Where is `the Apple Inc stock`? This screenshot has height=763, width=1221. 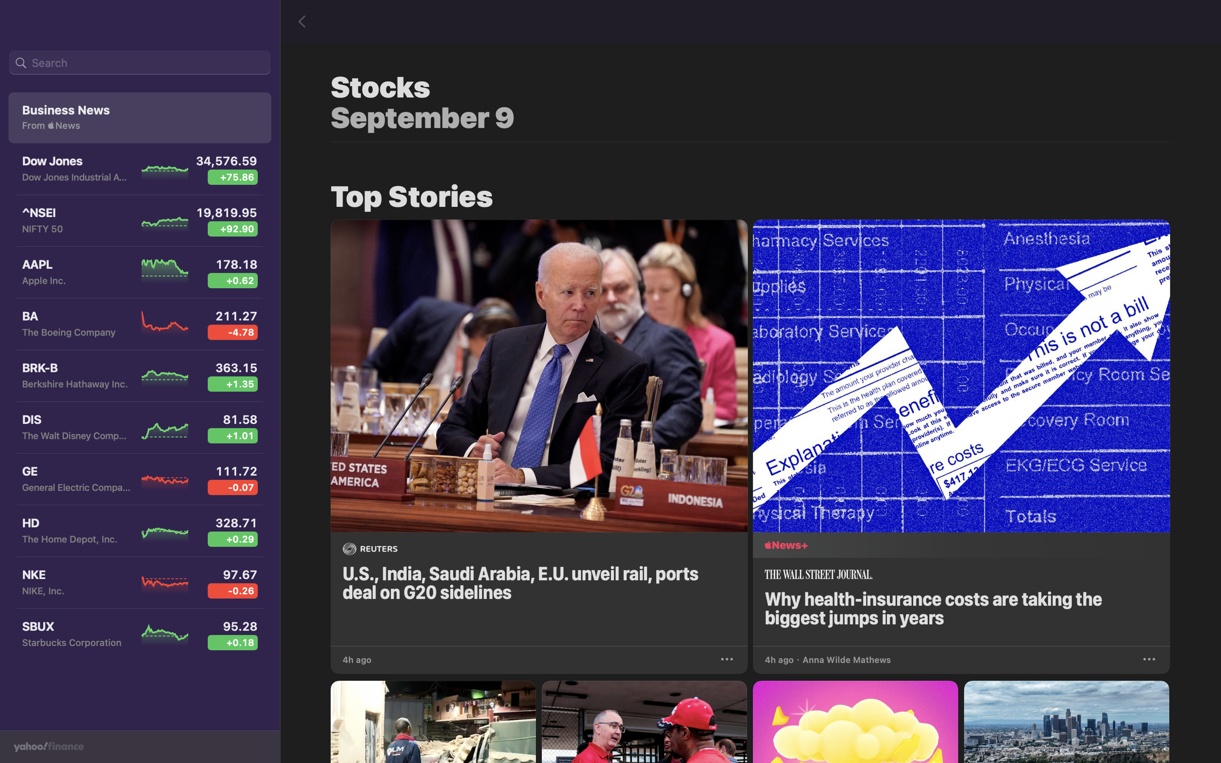 the Apple Inc stock is located at coordinates (139, 271).